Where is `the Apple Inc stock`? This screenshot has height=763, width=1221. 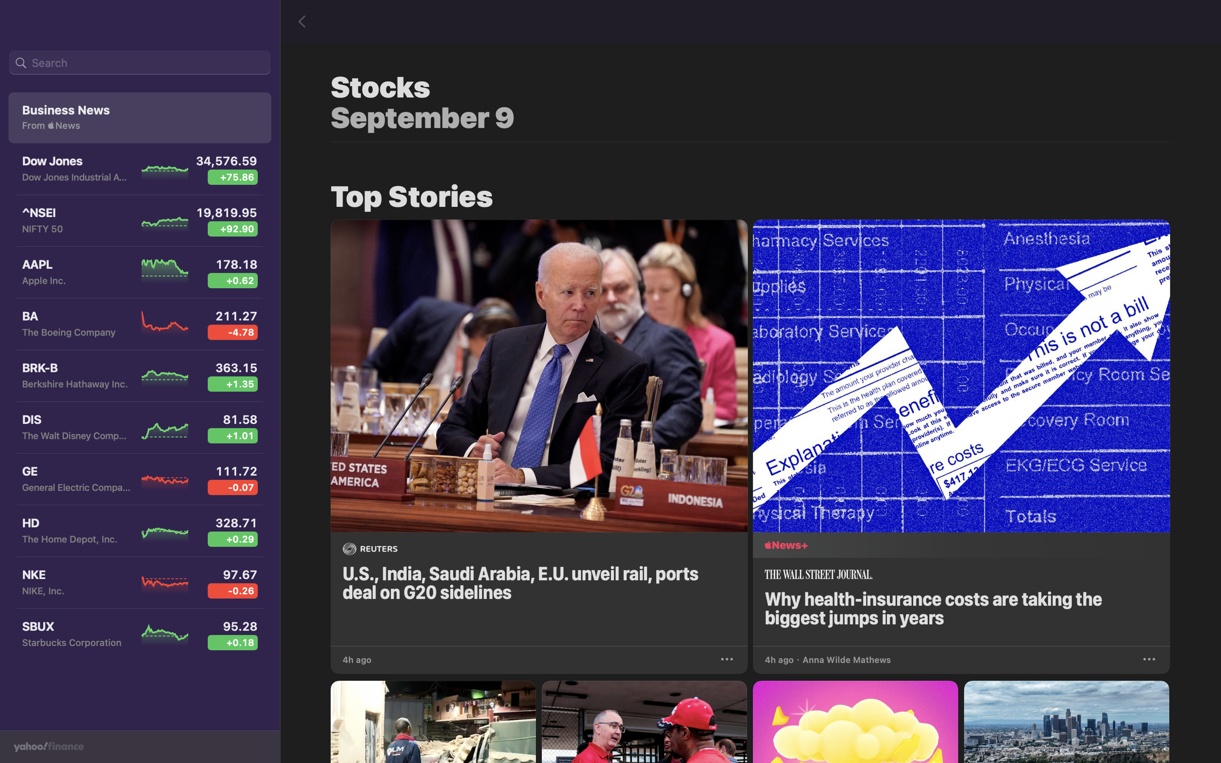 the Apple Inc stock is located at coordinates (139, 271).